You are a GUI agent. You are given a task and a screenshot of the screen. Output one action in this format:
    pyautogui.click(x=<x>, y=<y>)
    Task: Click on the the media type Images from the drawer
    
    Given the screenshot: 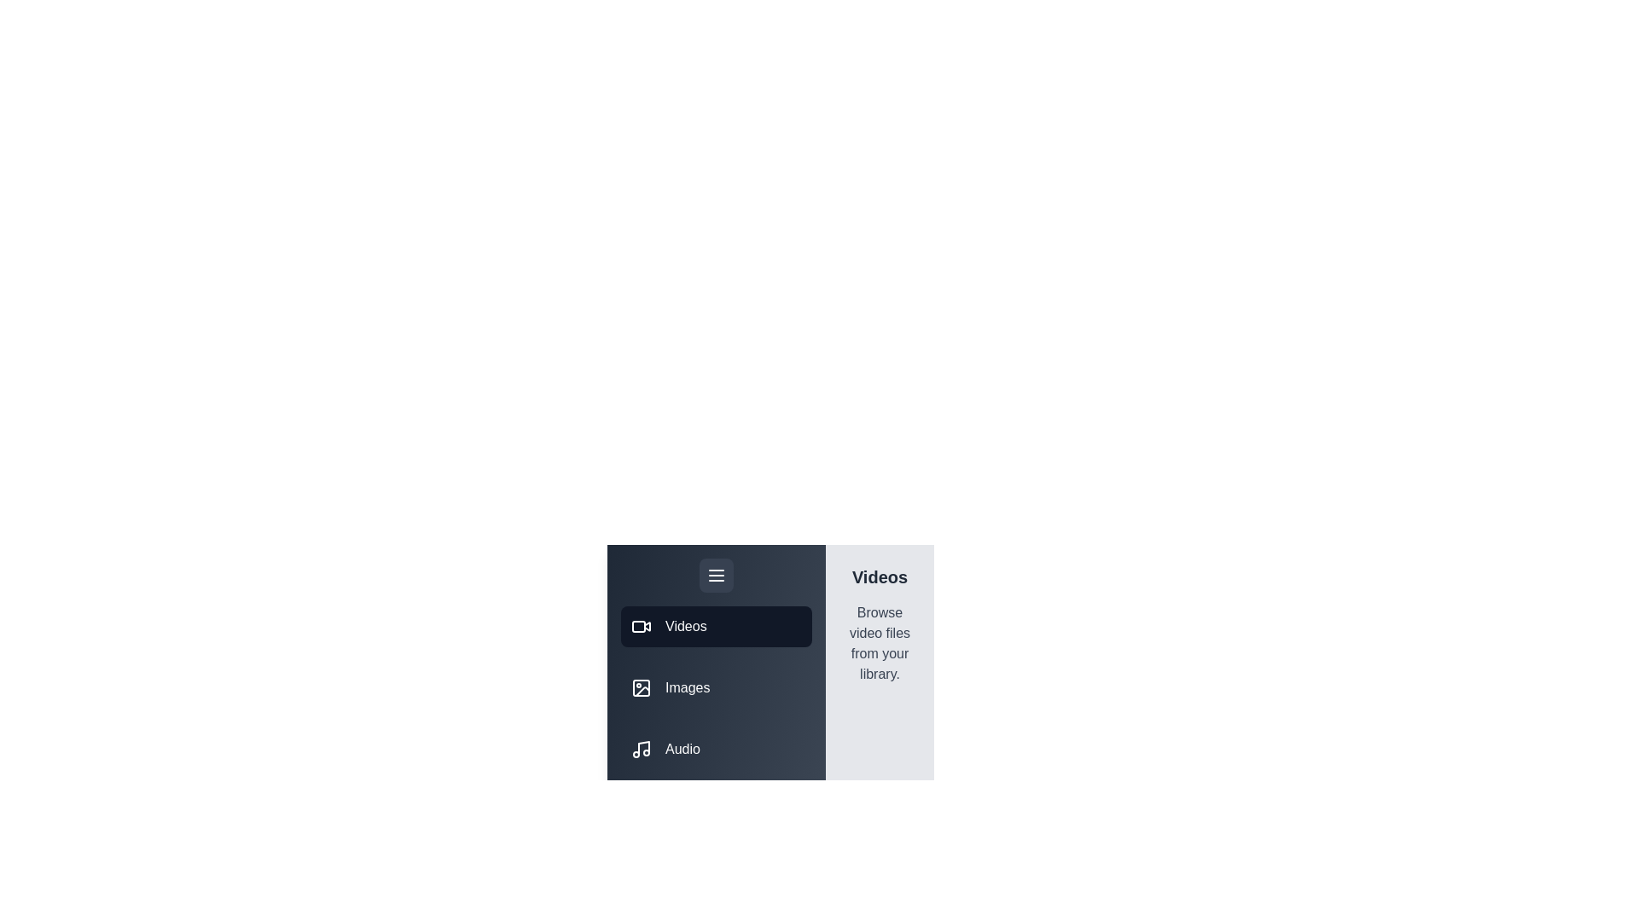 What is the action you would take?
    pyautogui.click(x=717, y=686)
    